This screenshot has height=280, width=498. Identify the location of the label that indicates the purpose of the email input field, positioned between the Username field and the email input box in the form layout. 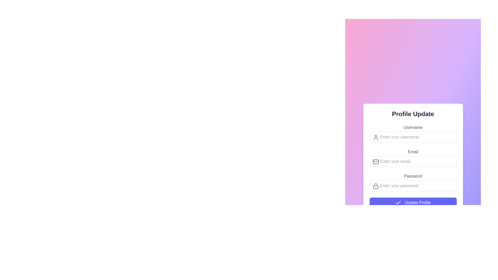
(413, 152).